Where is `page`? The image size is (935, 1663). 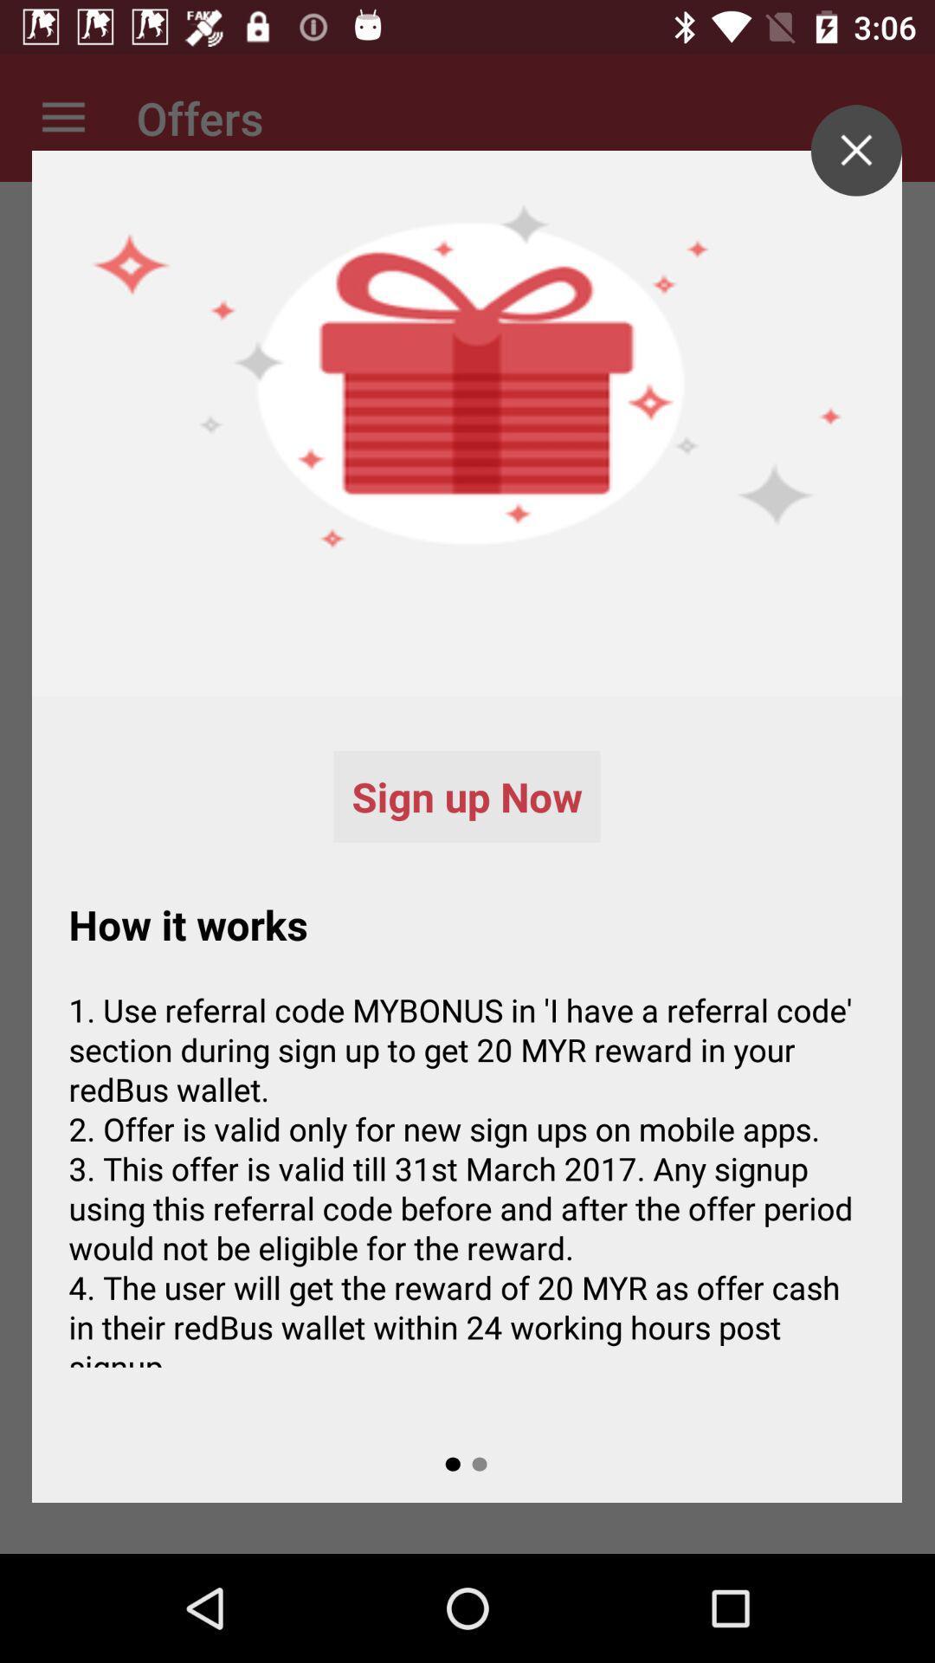 page is located at coordinates (855, 150).